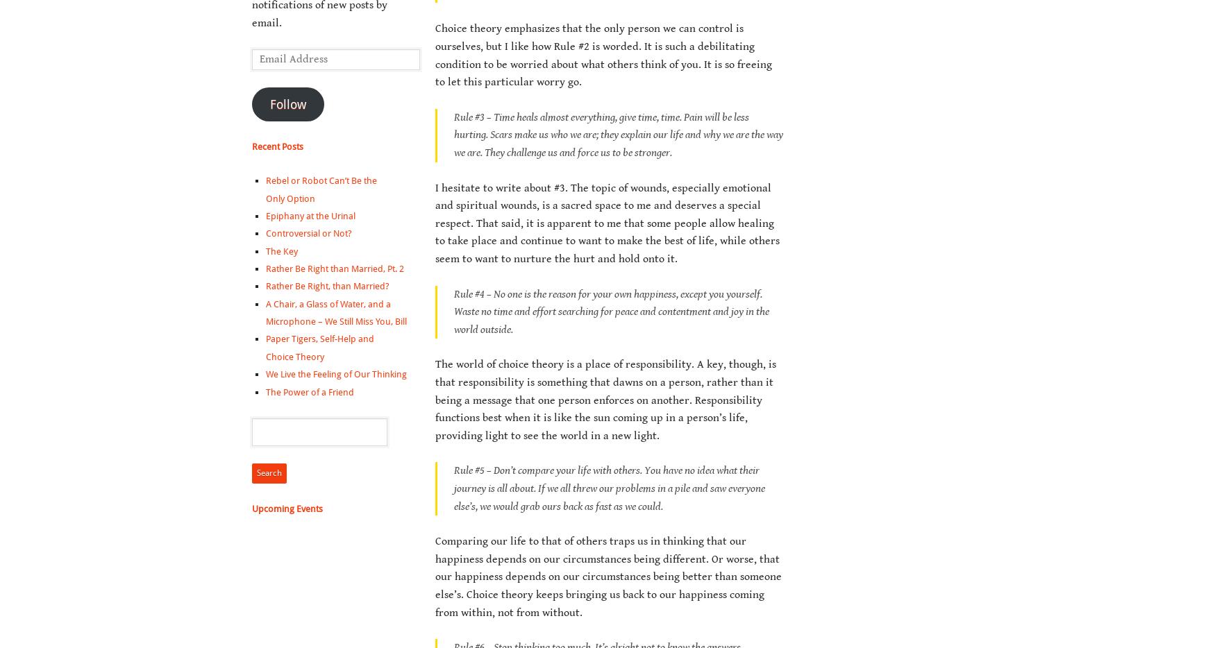 This screenshot has width=1215, height=648. What do you see at coordinates (287, 103) in the screenshot?
I see `'Follow'` at bounding box center [287, 103].